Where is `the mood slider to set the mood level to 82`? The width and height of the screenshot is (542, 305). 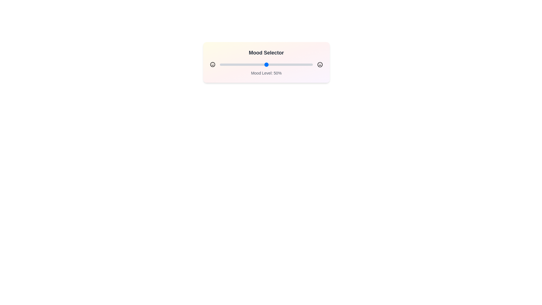 the mood slider to set the mood level to 82 is located at coordinates (296, 64).